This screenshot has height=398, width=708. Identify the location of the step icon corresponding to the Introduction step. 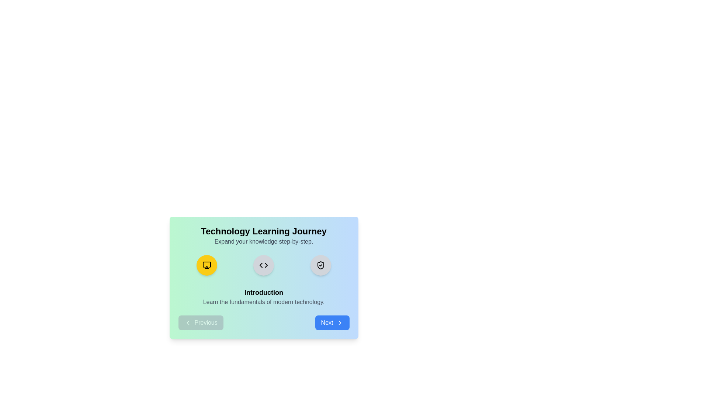
(206, 265).